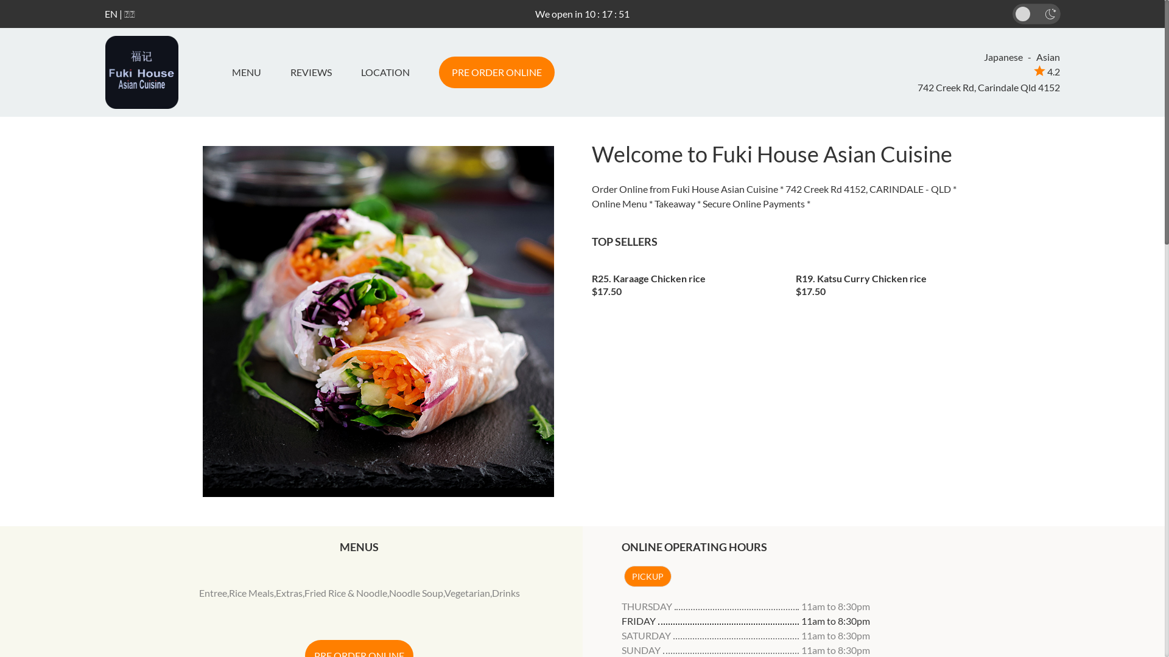 The image size is (1169, 657). Describe the element at coordinates (213, 592) in the screenshot. I see `'Entree'` at that location.